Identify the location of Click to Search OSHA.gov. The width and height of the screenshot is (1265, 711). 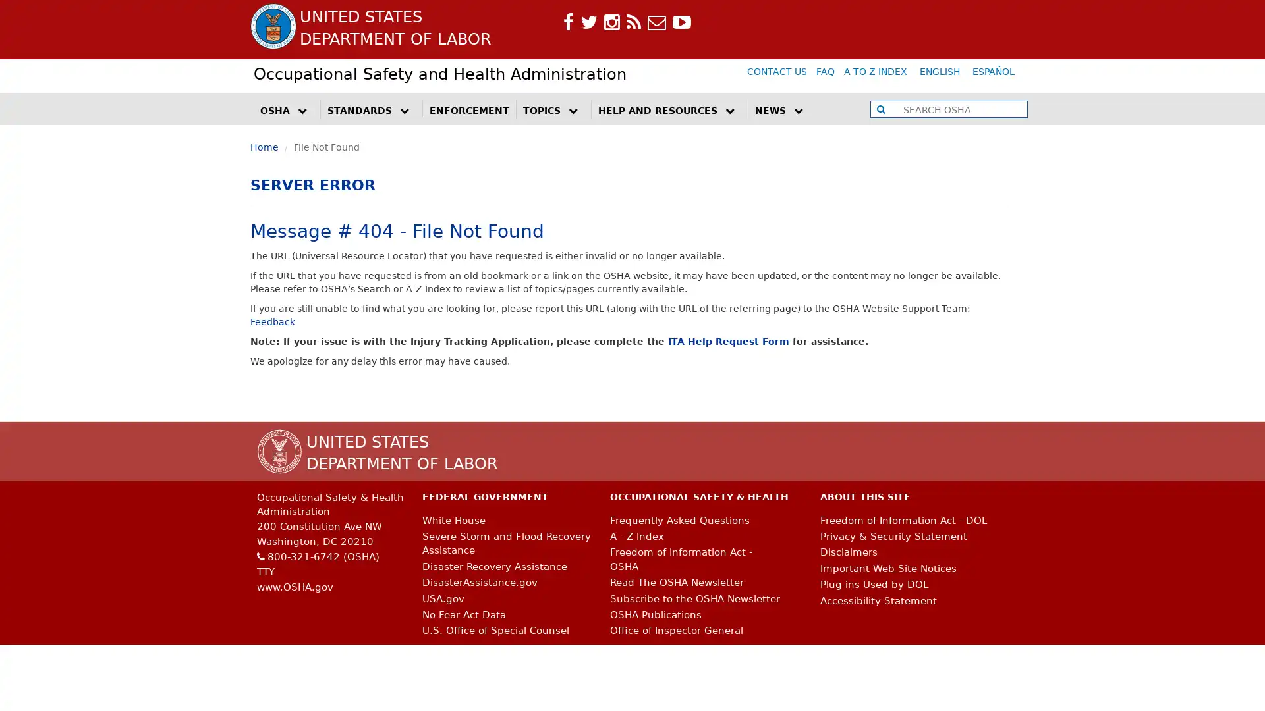
(881, 108).